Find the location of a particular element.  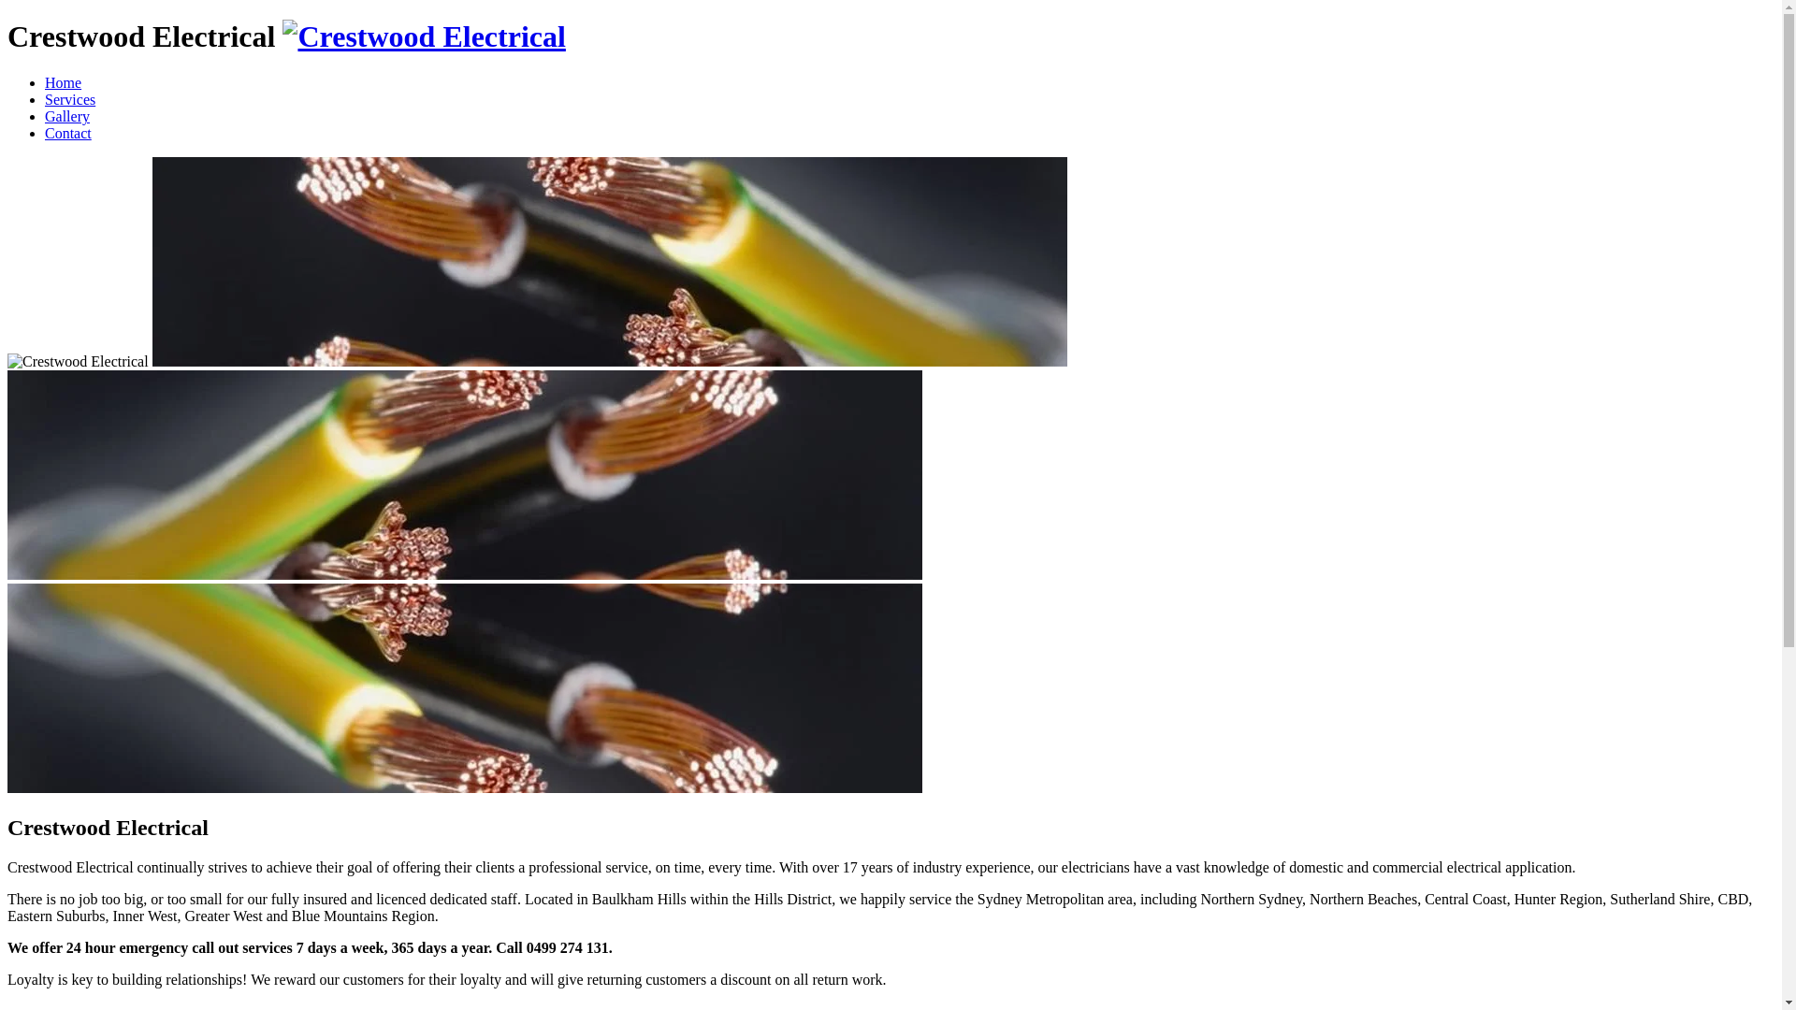

'Home' is located at coordinates (63, 81).